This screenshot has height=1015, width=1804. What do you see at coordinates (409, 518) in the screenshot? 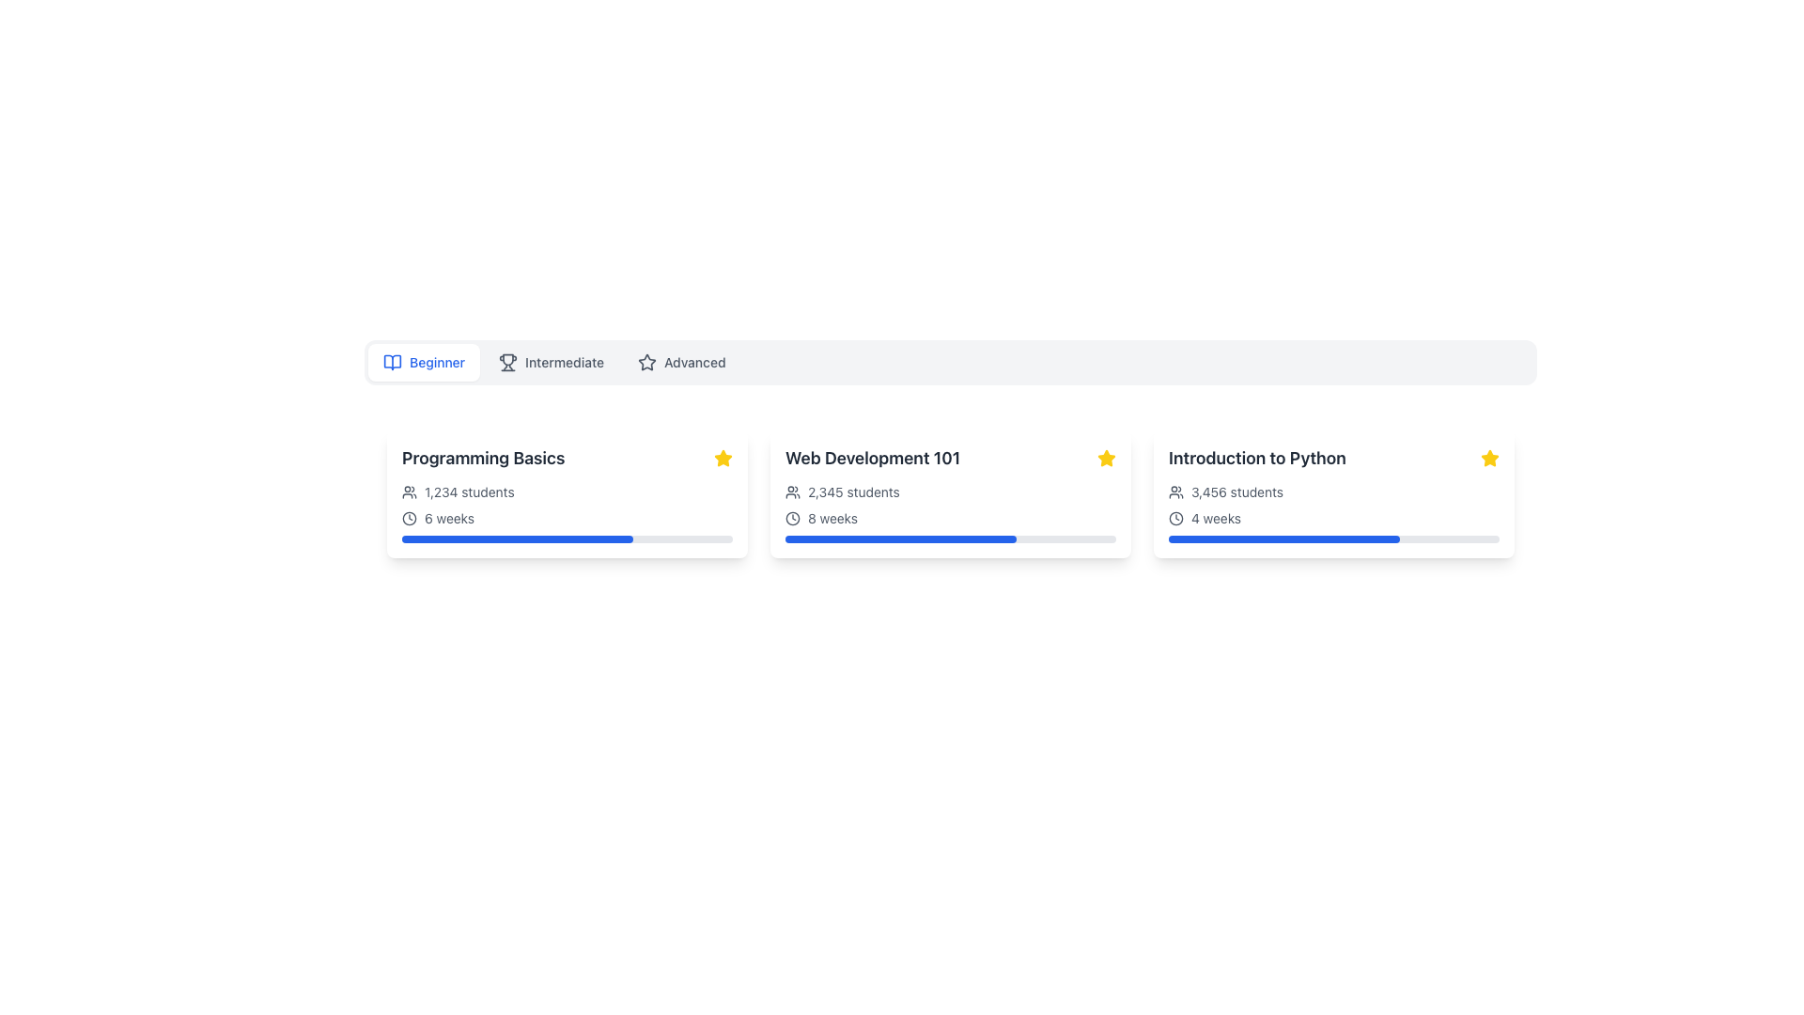
I see `the circular base of the clock face located in the clock icon next to '6 weeks' under the 'Programming Basics' card` at bounding box center [409, 518].